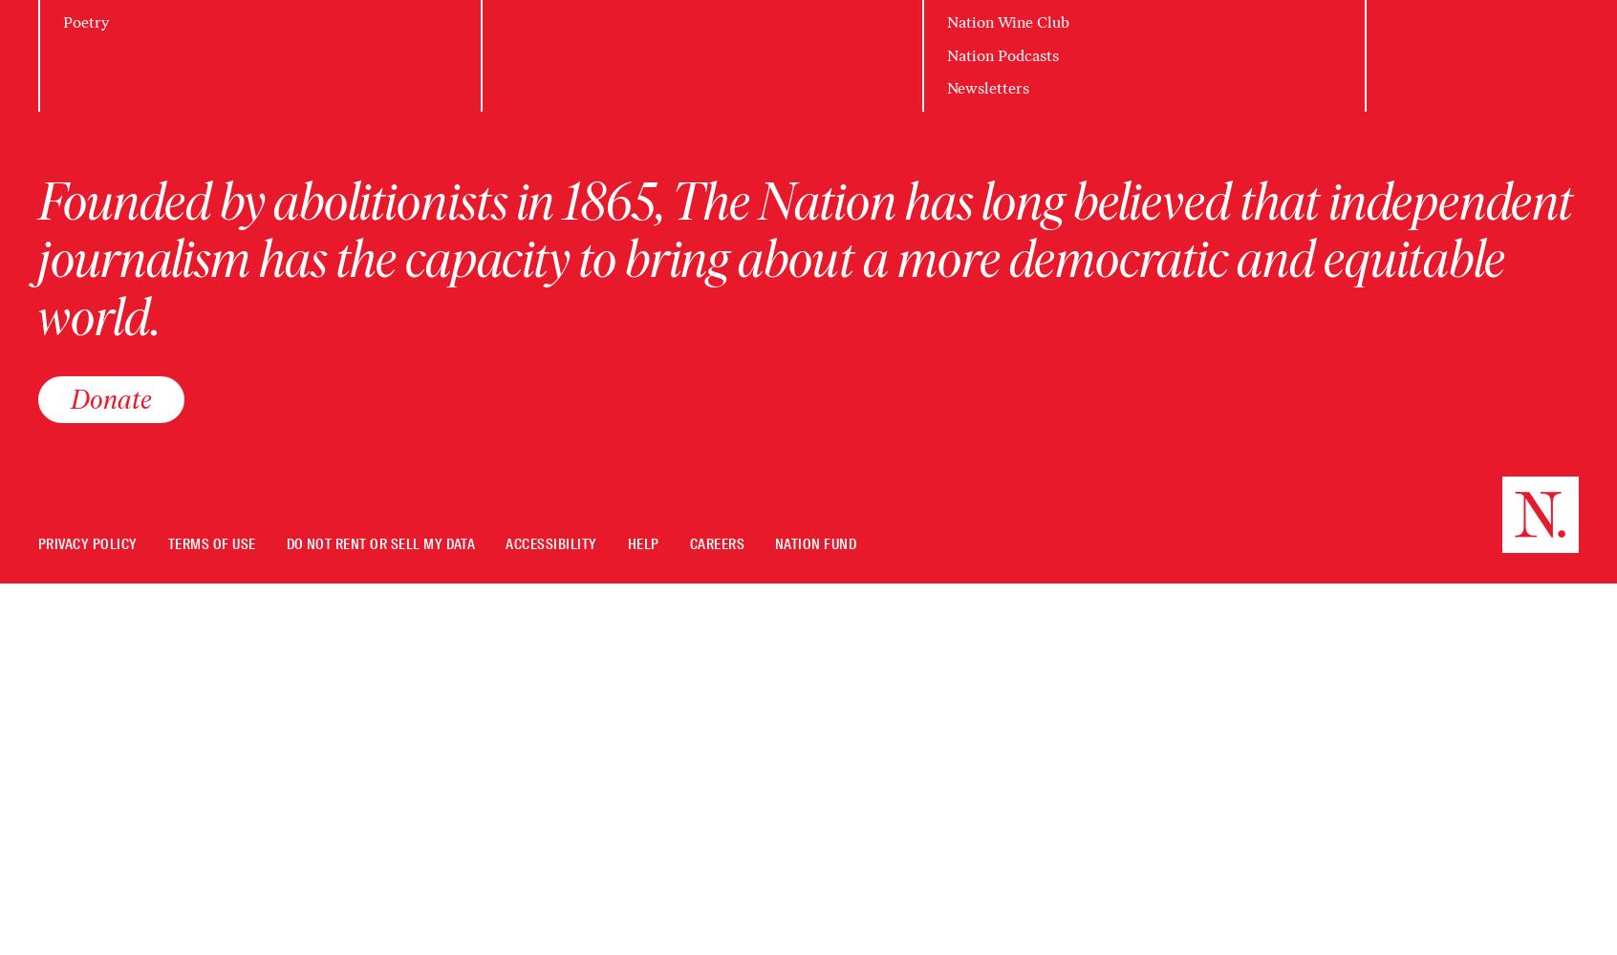 This screenshot has height=955, width=1617. What do you see at coordinates (379, 543) in the screenshot?
I see `'Do Not Rent Or Sell My Data'` at bounding box center [379, 543].